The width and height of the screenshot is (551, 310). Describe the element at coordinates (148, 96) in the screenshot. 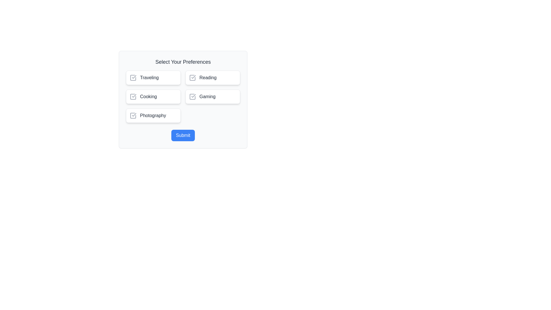

I see `the text label representing a selectable preference for 'Cooking' in the preferences list` at that location.